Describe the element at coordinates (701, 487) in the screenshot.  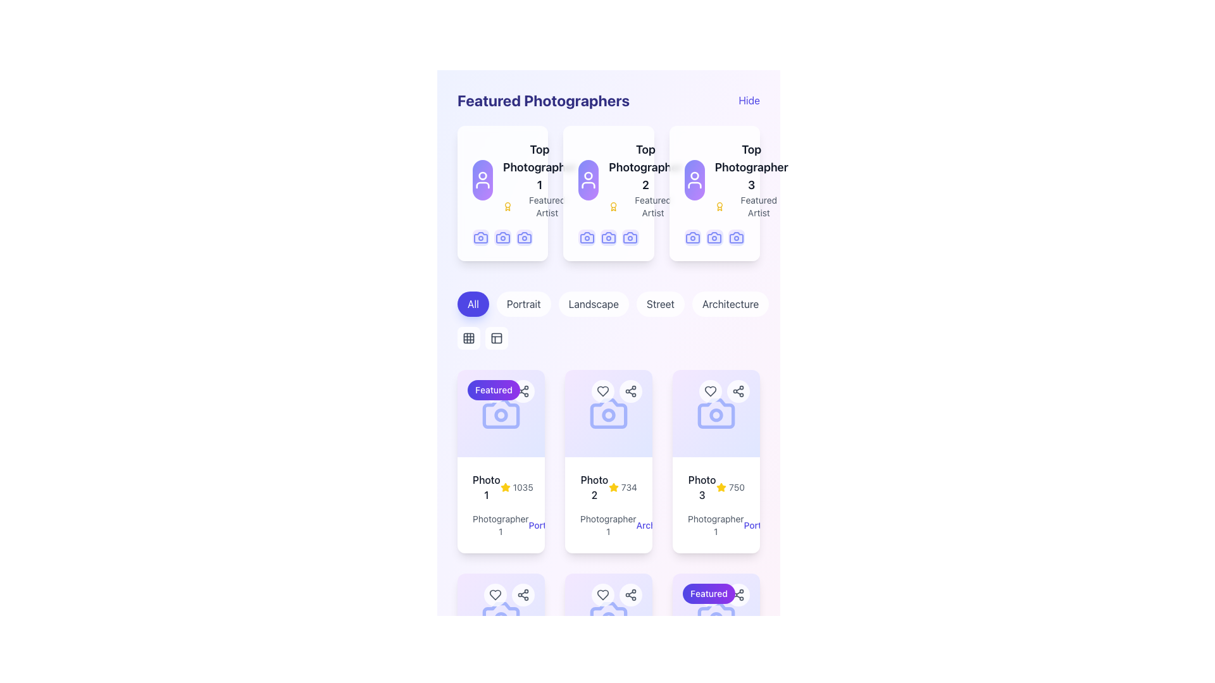
I see `the text label displaying 'Photo 3' in dark gray color, located in the third card of the interface` at that location.